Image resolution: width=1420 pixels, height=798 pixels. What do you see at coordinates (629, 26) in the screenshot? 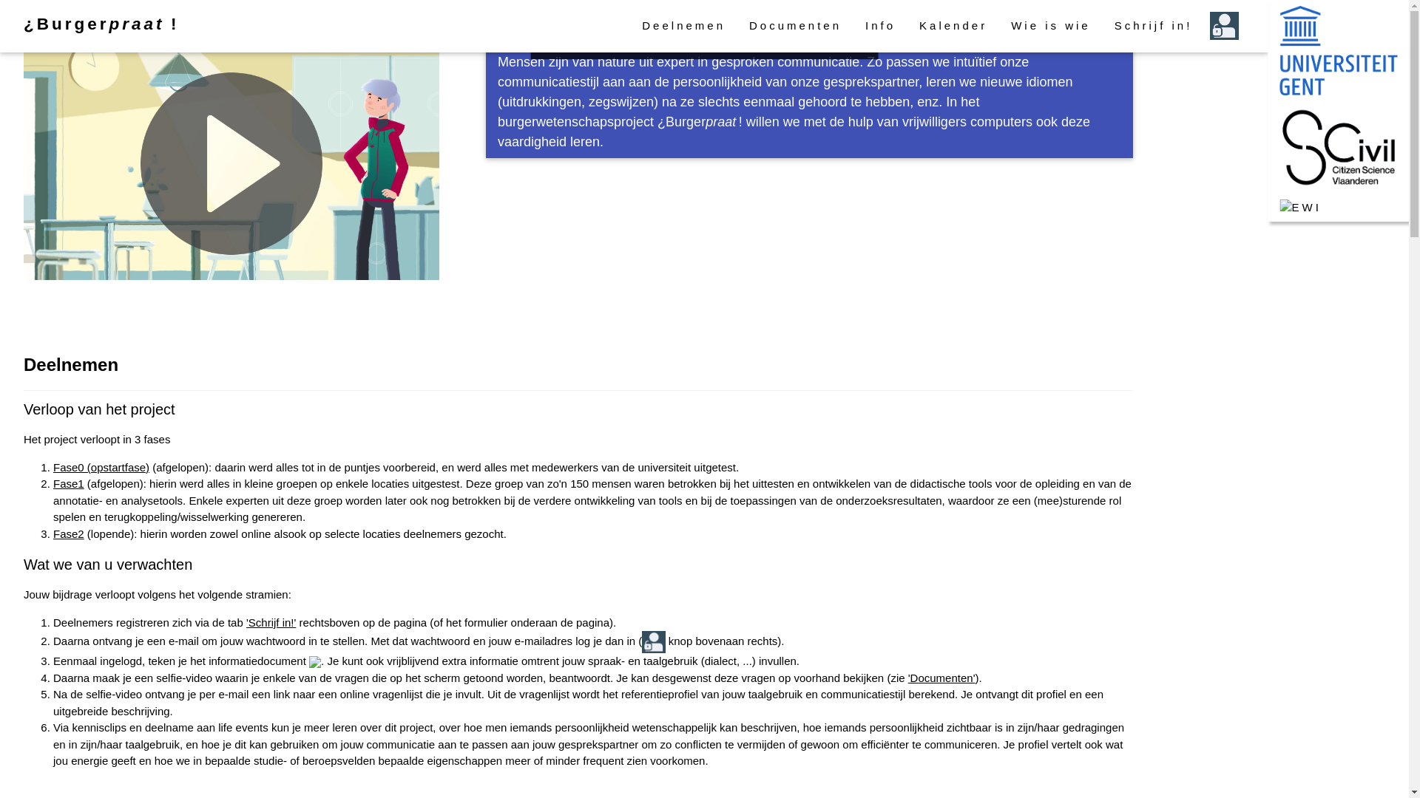
I see `'Deelnemen'` at bounding box center [629, 26].